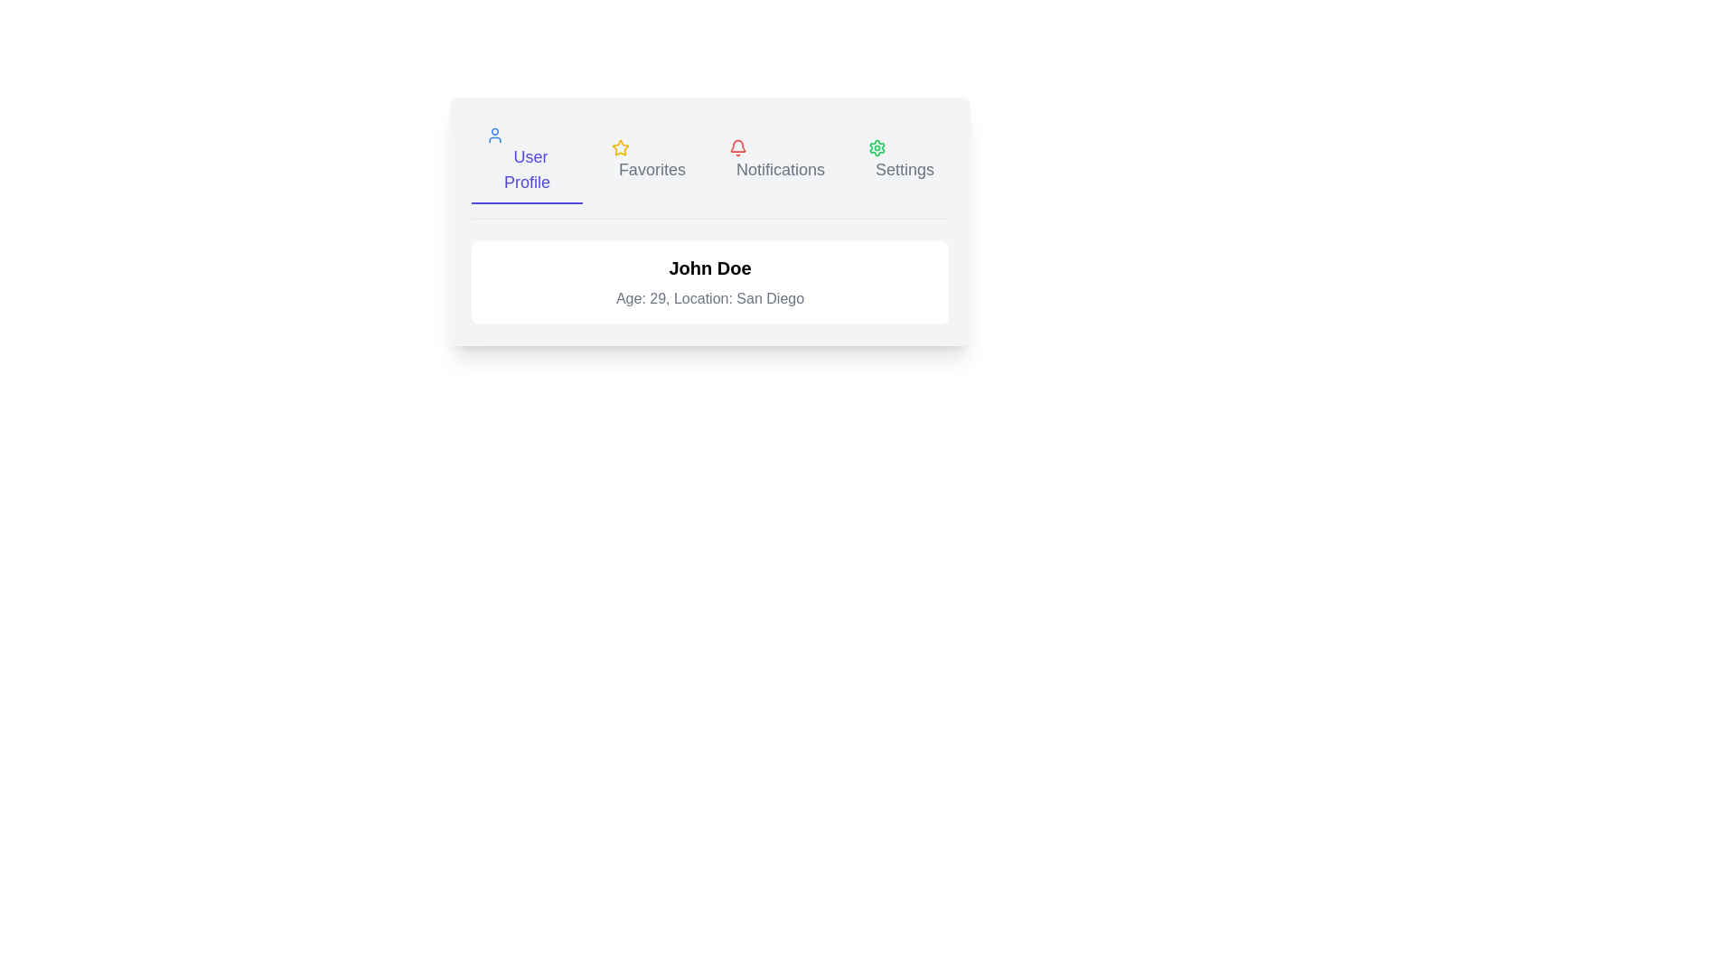  What do you see at coordinates (877, 147) in the screenshot?
I see `the gear icon located in the top right section of the interface, next to the 'Settings' text option` at bounding box center [877, 147].